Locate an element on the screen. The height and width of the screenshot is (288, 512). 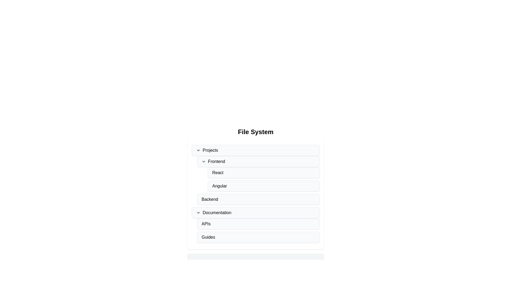
the 'APIs' button, which is a rectangular button with a light gray background and rounded corners, located in the 'Documentation' section is located at coordinates (258, 224).